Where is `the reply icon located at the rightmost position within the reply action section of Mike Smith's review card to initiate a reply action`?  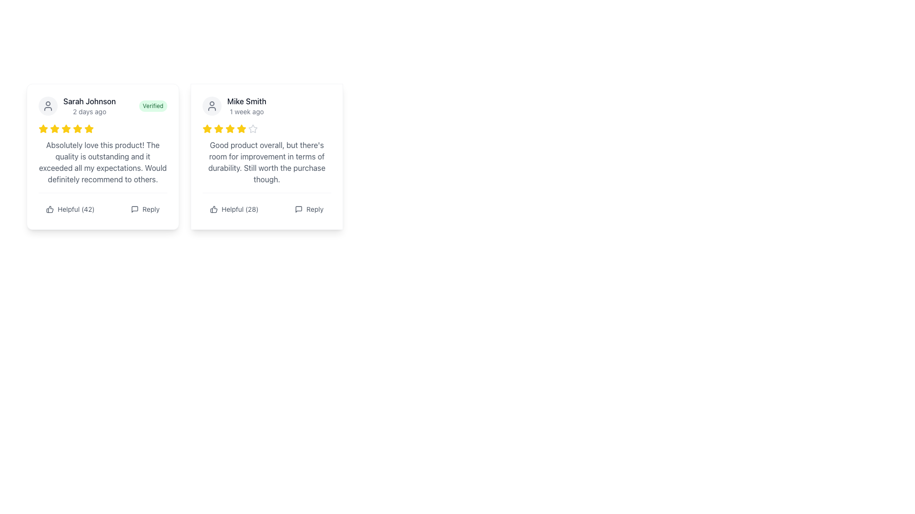 the reply icon located at the rightmost position within the reply action section of Mike Smith's review card to initiate a reply action is located at coordinates (298, 208).